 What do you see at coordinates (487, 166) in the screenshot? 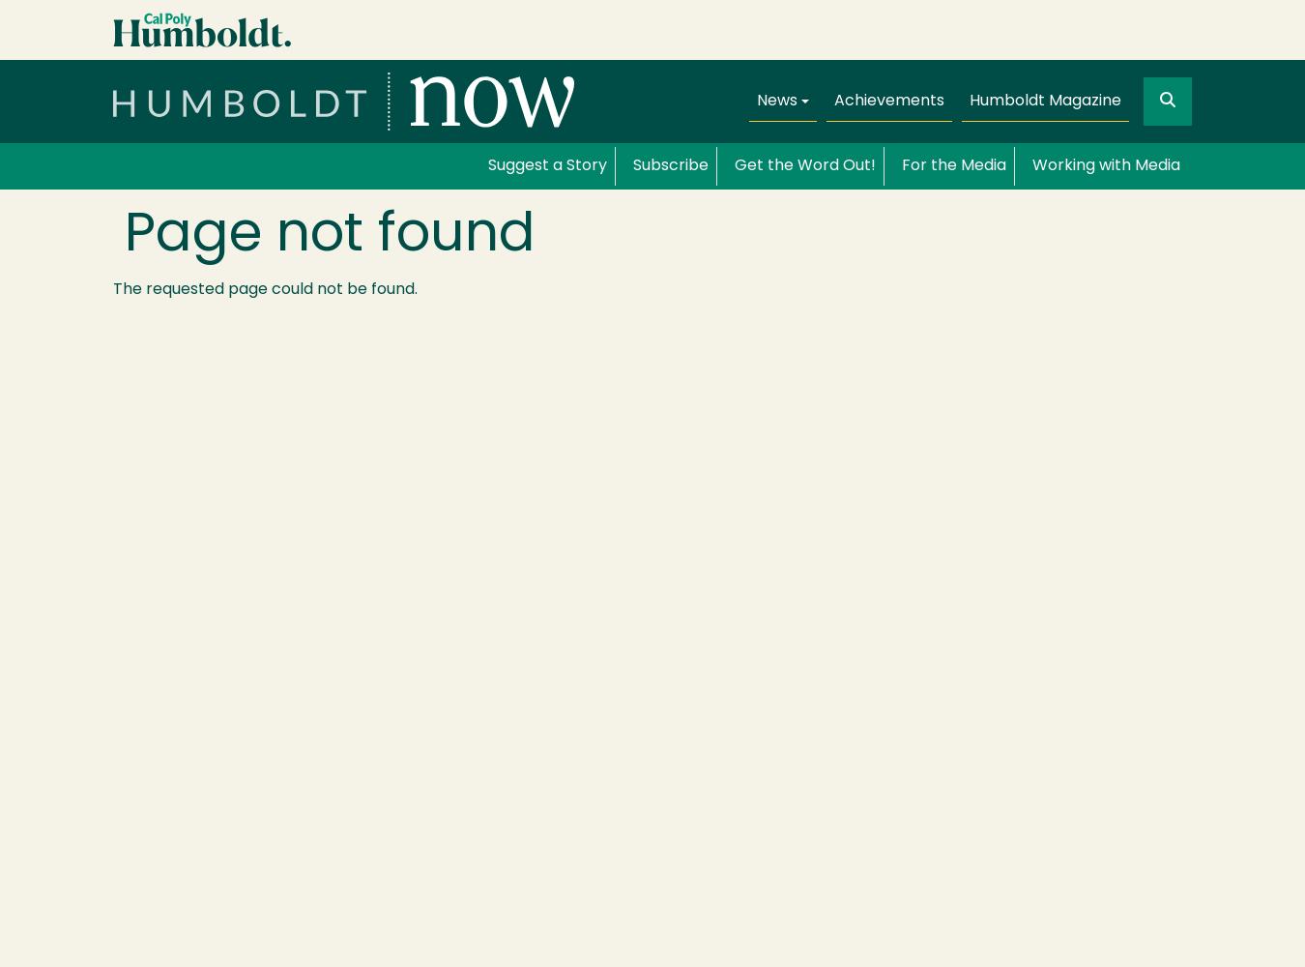
I see `'Suggest a Story'` at bounding box center [487, 166].